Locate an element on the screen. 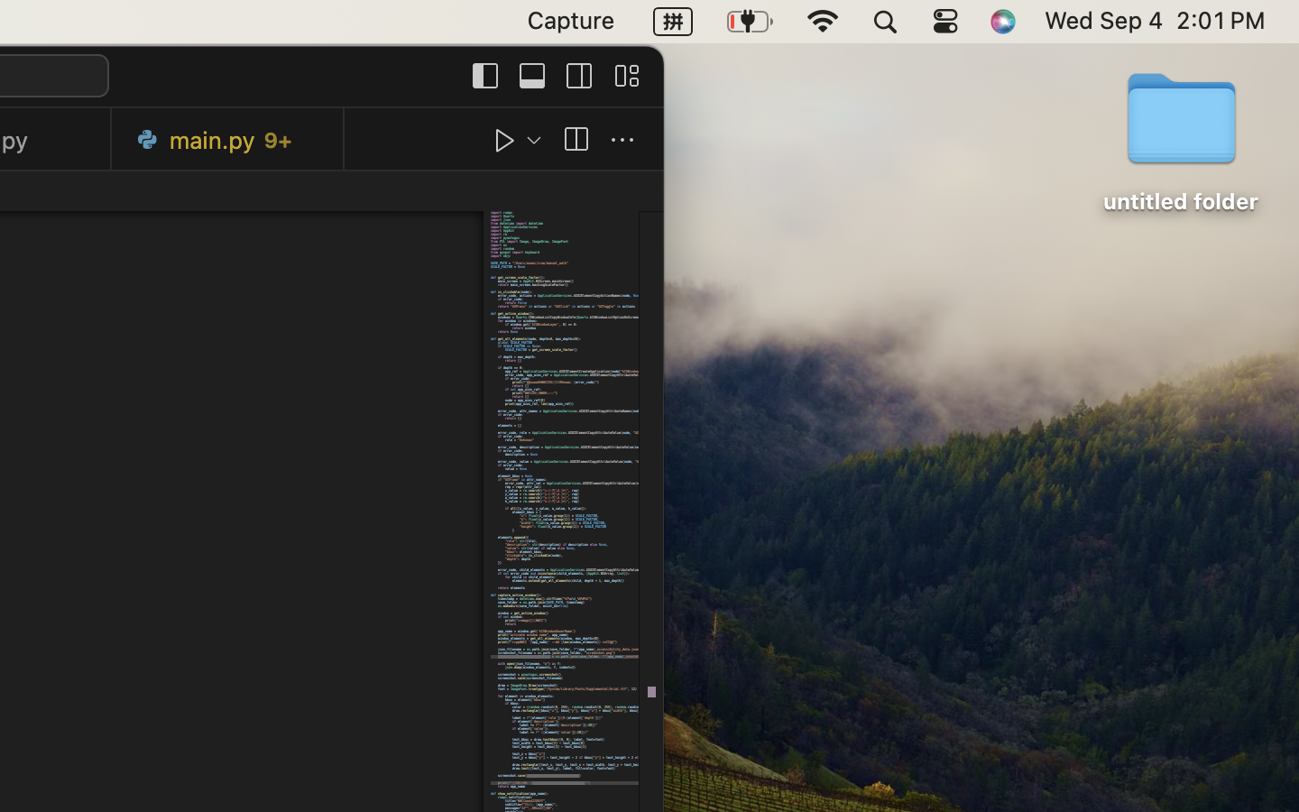 This screenshot has width=1299, height=812. '' is located at coordinates (505, 140).